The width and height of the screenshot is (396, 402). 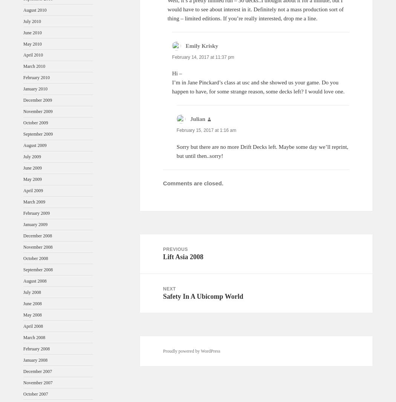 I want to click on 'I’m in Jane Pinckard’s class at usc and she showed us your game. Do you happen to have, for some strange reason, some decks left? I would love one.', so click(x=172, y=87).